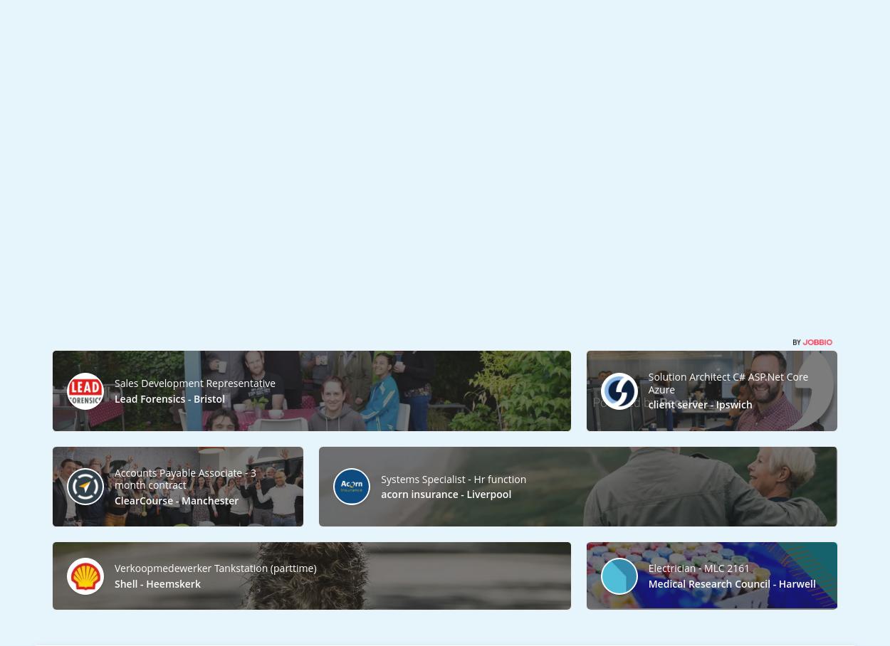 This screenshot has width=890, height=646. What do you see at coordinates (157, 583) in the screenshot?
I see `'Shell - Heemskerk'` at bounding box center [157, 583].